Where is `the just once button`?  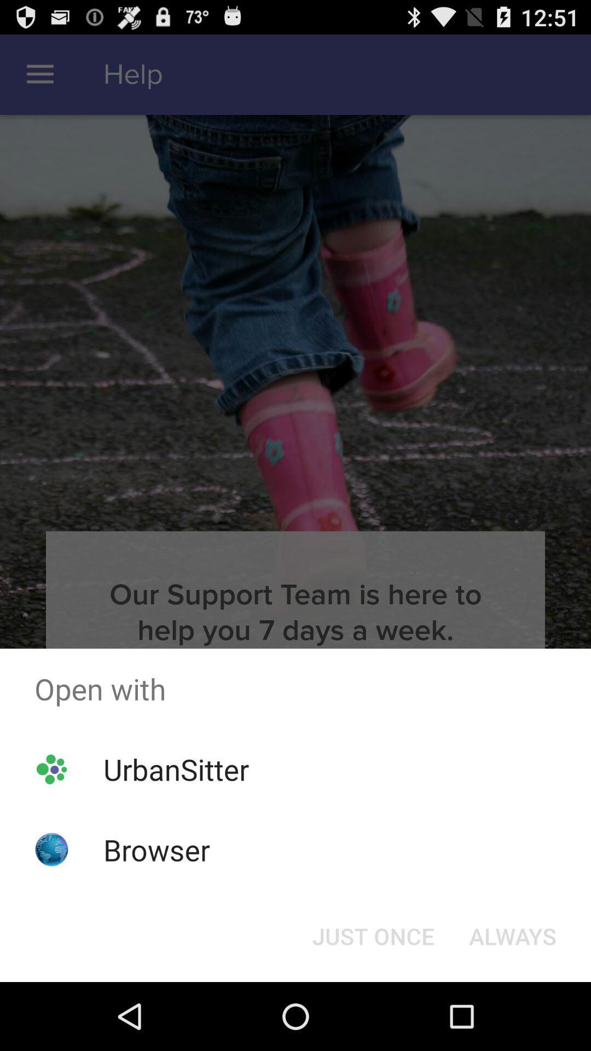 the just once button is located at coordinates (373, 935).